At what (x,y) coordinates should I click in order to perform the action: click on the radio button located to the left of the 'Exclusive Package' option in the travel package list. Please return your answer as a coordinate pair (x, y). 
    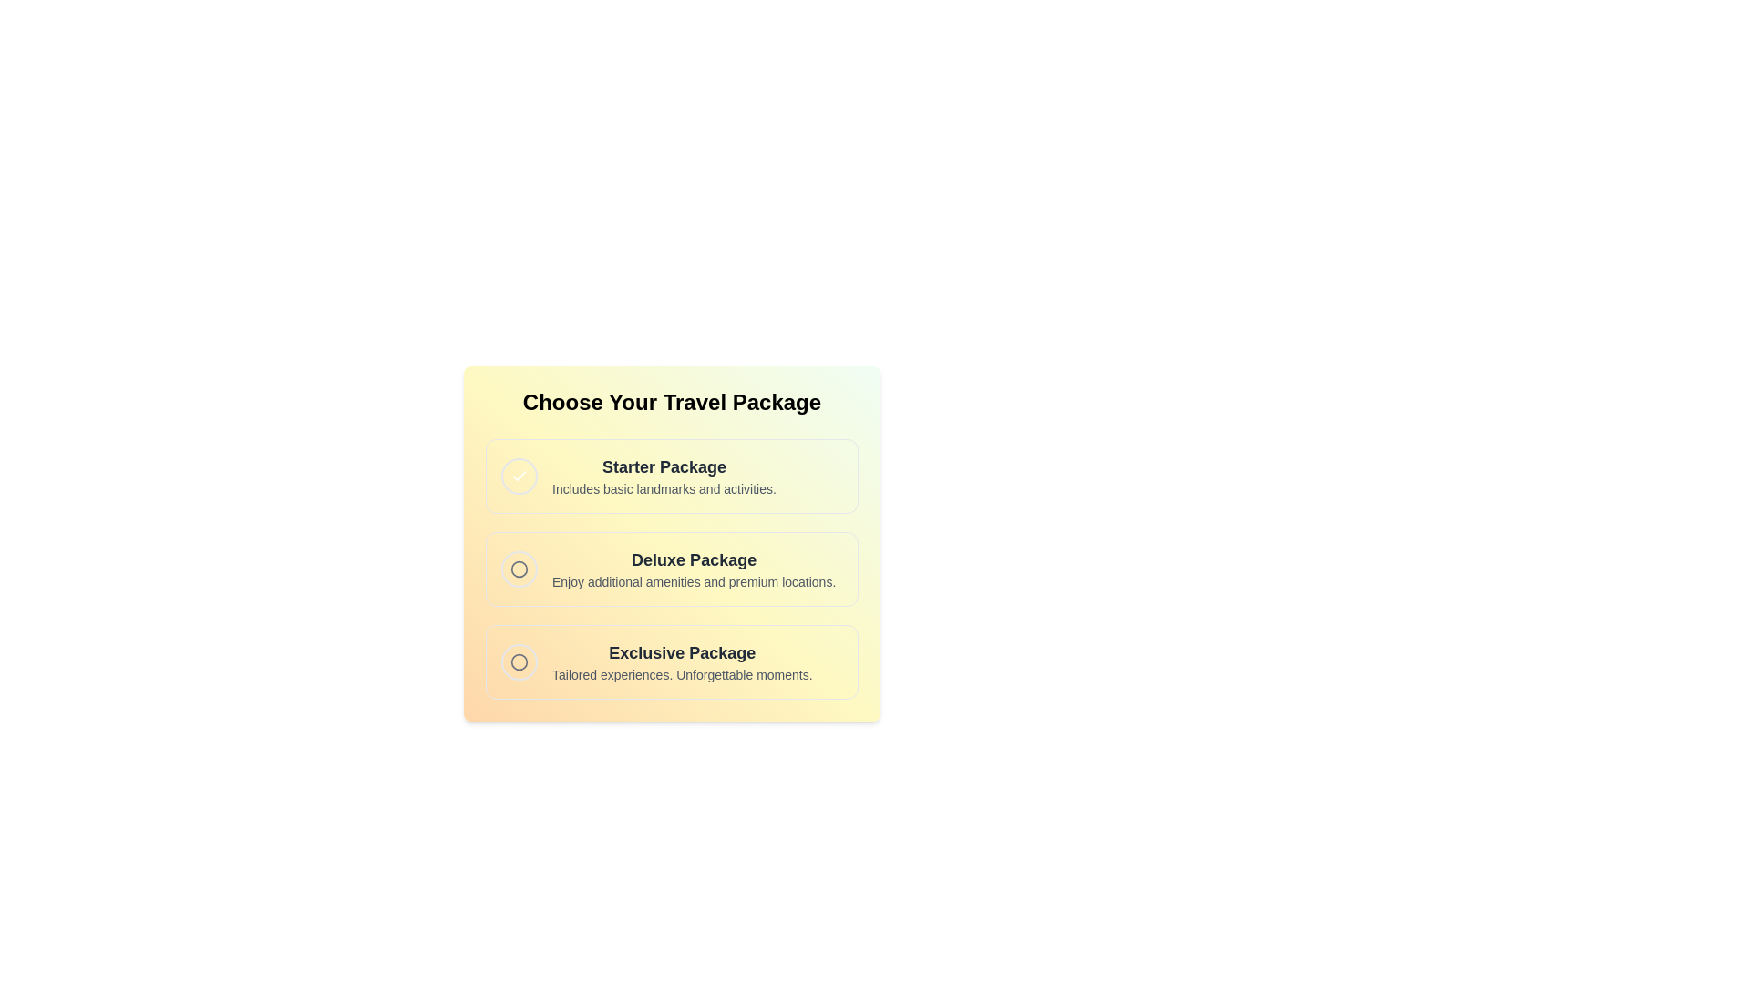
    Looking at the image, I should click on (519, 661).